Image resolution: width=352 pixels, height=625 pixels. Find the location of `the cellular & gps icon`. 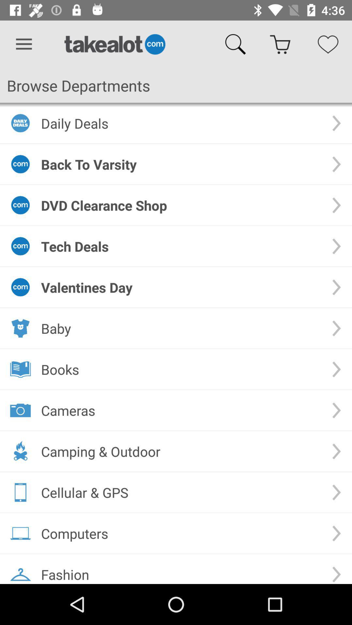

the cellular & gps icon is located at coordinates (181, 492).